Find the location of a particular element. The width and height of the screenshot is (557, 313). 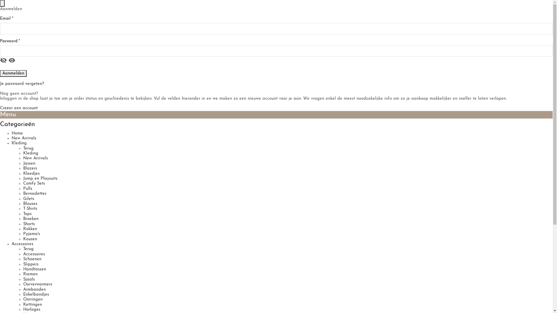

'T-Shirts' is located at coordinates (23, 209).